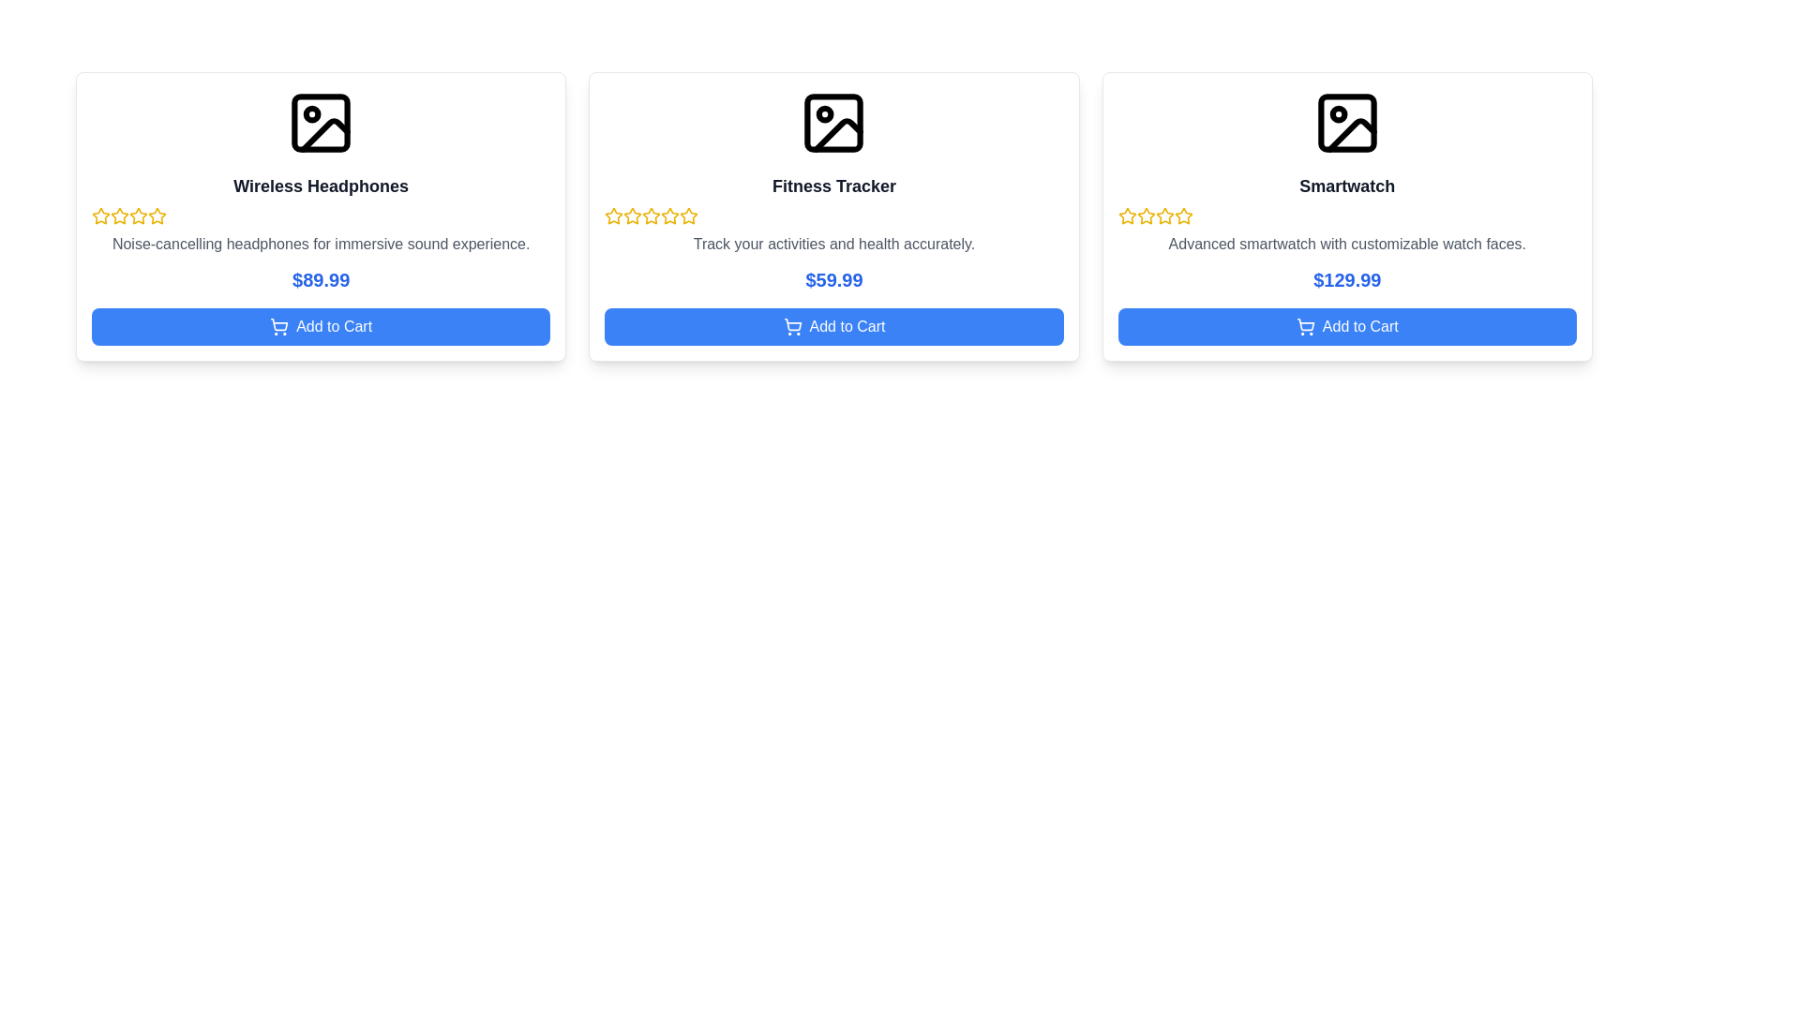 This screenshot has height=1012, width=1800. I want to click on the 'Add to Cart' icon located within the 'Add to Cart' button for the 'Smartwatch' product card, which is the rightmost card in the set of three, so click(1304, 325).